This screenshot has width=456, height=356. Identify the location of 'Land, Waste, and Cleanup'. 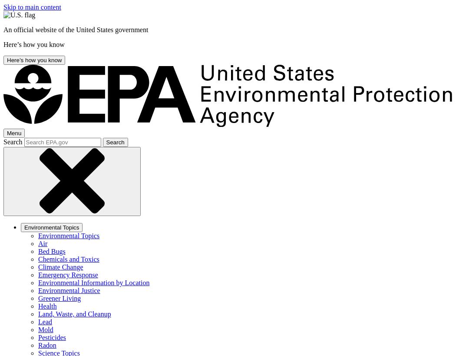
(74, 313).